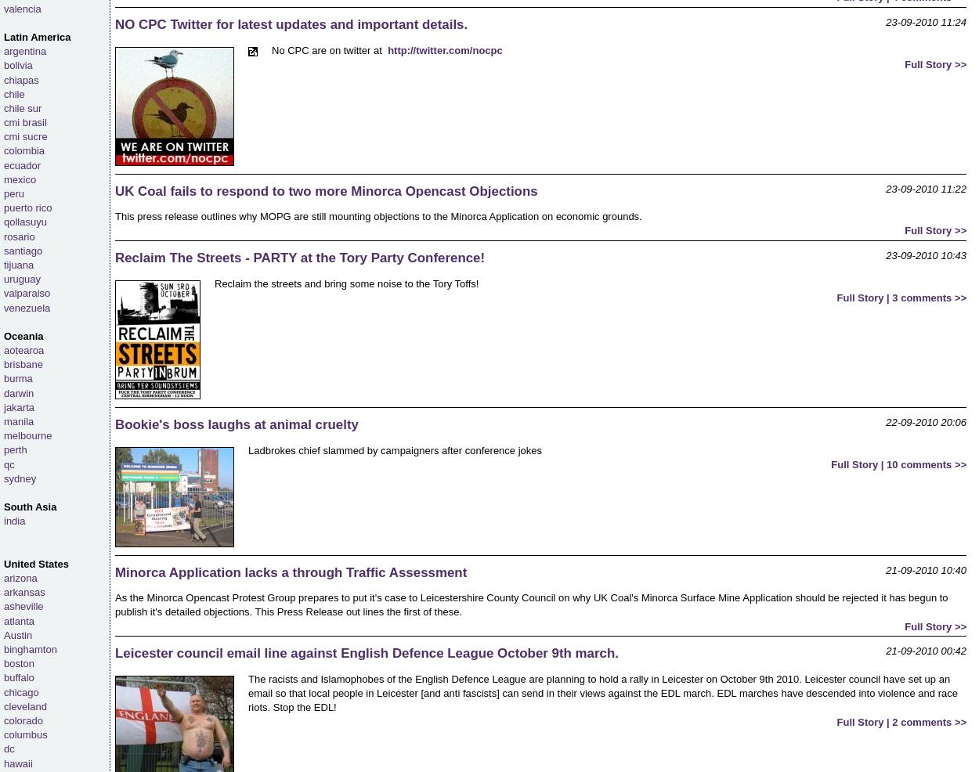 This screenshot has width=979, height=772. Describe the element at coordinates (926, 650) in the screenshot. I see `'21-09-2010 00:42'` at that location.